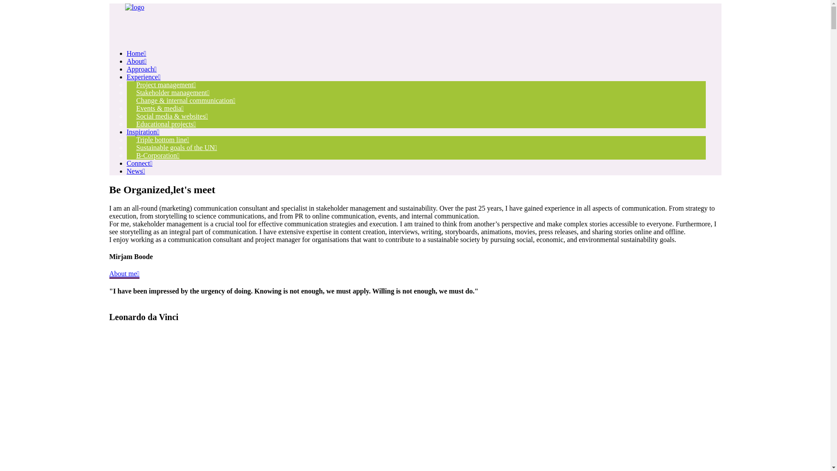 This screenshot has height=471, width=837. What do you see at coordinates (143, 132) in the screenshot?
I see `'Inspiration'` at bounding box center [143, 132].